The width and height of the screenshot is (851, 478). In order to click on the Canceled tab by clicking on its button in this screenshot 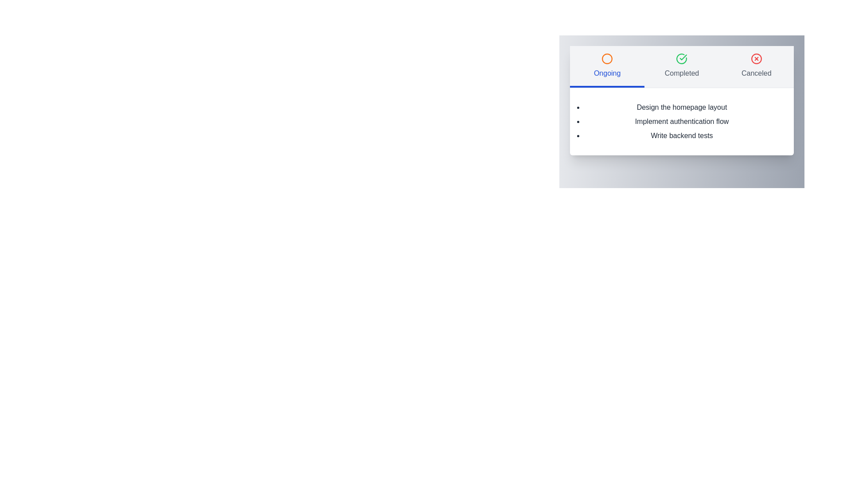, I will do `click(756, 66)`.